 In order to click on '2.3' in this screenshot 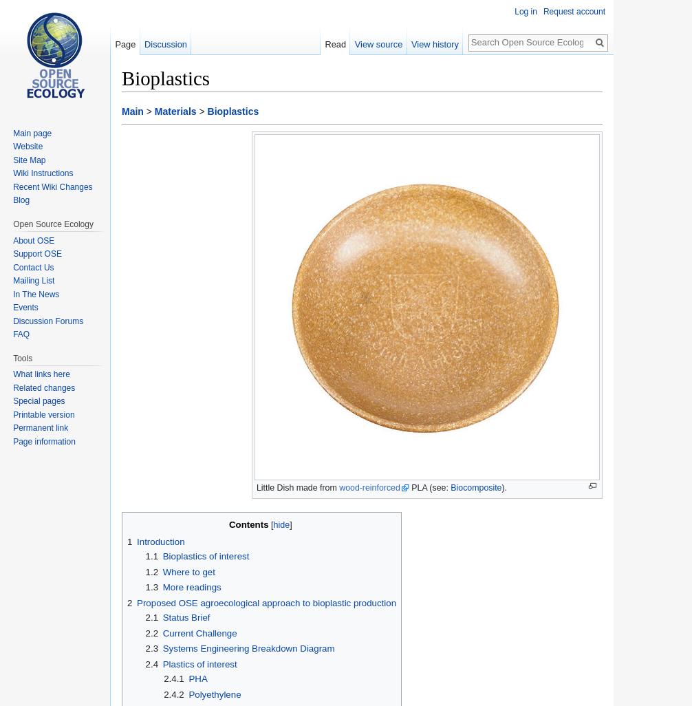, I will do `click(151, 648)`.